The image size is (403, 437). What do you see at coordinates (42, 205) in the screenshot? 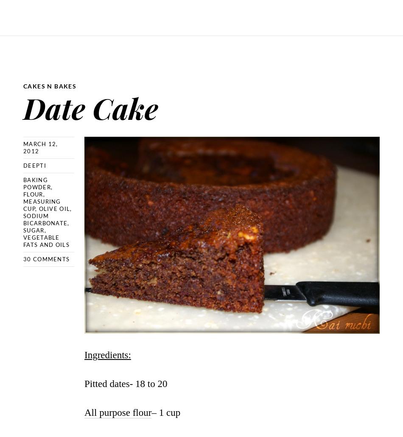
I see `'Measuring cup'` at bounding box center [42, 205].